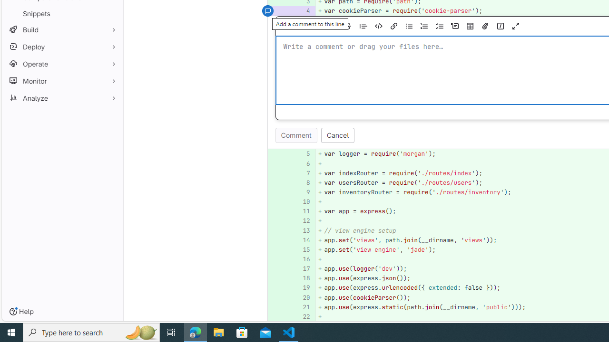 The width and height of the screenshot is (609, 342). Describe the element at coordinates (439, 26) in the screenshot. I see `'Add a checklist'` at that location.